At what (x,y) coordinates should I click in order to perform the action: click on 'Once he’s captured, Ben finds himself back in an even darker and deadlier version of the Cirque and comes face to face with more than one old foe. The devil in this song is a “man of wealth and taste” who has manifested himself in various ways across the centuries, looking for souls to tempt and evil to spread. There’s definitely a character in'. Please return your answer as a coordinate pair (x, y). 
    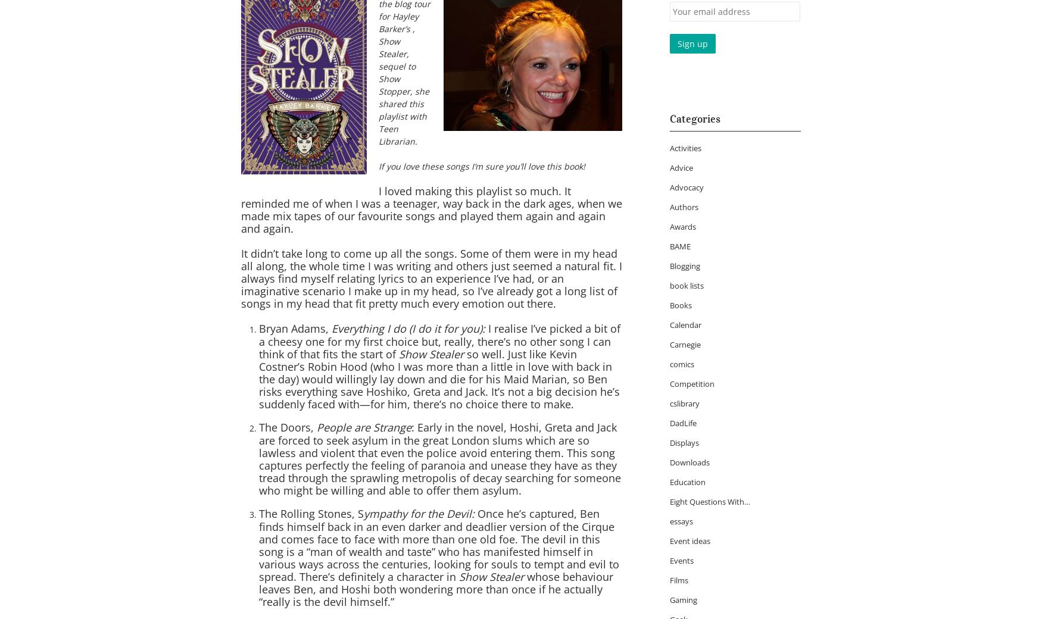
    Looking at the image, I should click on (439, 545).